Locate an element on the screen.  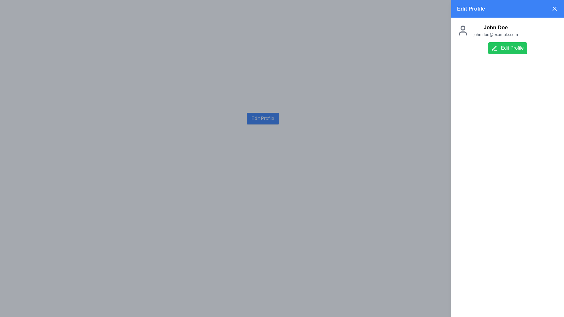
the profile editing button located on the right side of the interface, below the user's name 'John Doe' and email 'john.doe@example.com' is located at coordinates (507, 48).